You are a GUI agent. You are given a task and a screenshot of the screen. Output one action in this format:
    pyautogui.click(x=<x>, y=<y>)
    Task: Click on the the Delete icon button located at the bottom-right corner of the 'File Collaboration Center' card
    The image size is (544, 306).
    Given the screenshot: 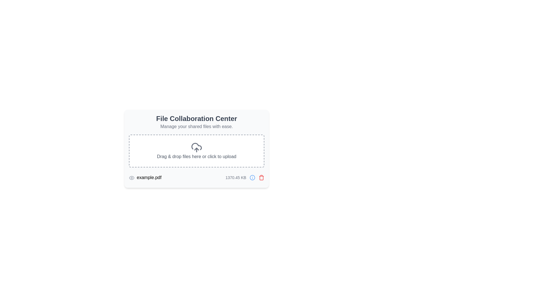 What is the action you would take?
    pyautogui.click(x=261, y=177)
    